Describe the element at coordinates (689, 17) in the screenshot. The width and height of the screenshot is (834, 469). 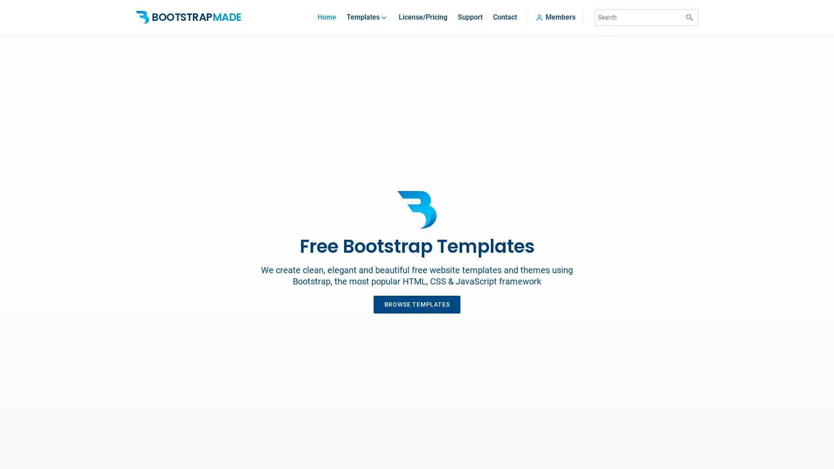
I see `Search` at that location.